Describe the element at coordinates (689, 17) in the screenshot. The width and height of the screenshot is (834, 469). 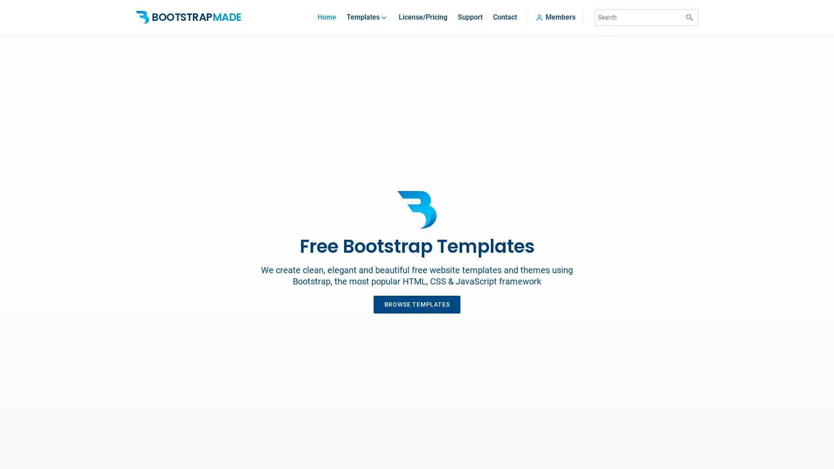
I see `Search` at that location.